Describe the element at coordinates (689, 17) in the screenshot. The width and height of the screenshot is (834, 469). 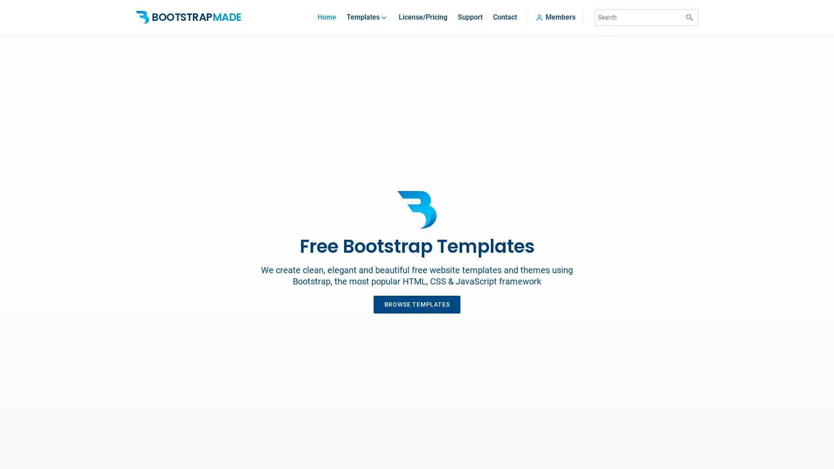
I see `Search` at that location.